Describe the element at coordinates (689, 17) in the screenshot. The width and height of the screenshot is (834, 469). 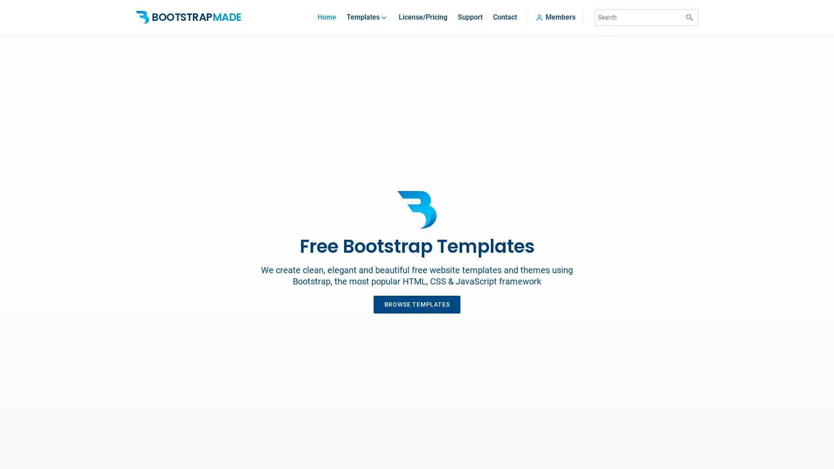
I see `Search` at that location.